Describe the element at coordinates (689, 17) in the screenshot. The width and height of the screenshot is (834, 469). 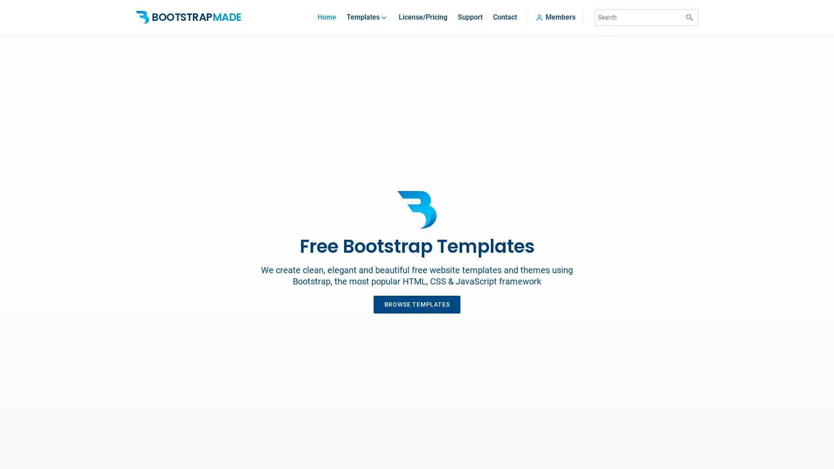
I see `Search` at that location.